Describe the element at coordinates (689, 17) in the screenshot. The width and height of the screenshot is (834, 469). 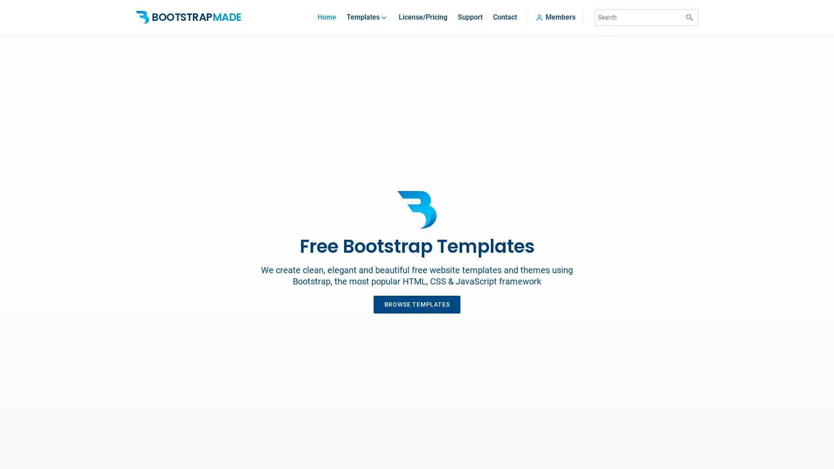
I see `Search` at that location.